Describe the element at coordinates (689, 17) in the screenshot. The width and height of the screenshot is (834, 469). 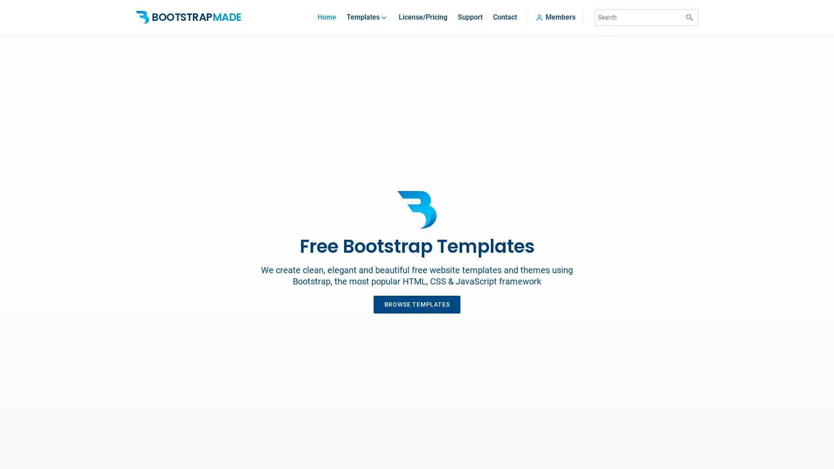
I see `Search` at that location.